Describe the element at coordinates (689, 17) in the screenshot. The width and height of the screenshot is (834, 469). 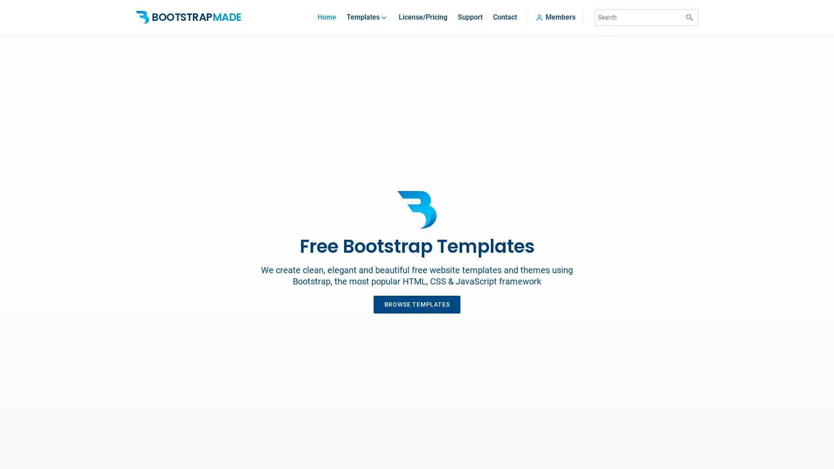
I see `Search` at that location.